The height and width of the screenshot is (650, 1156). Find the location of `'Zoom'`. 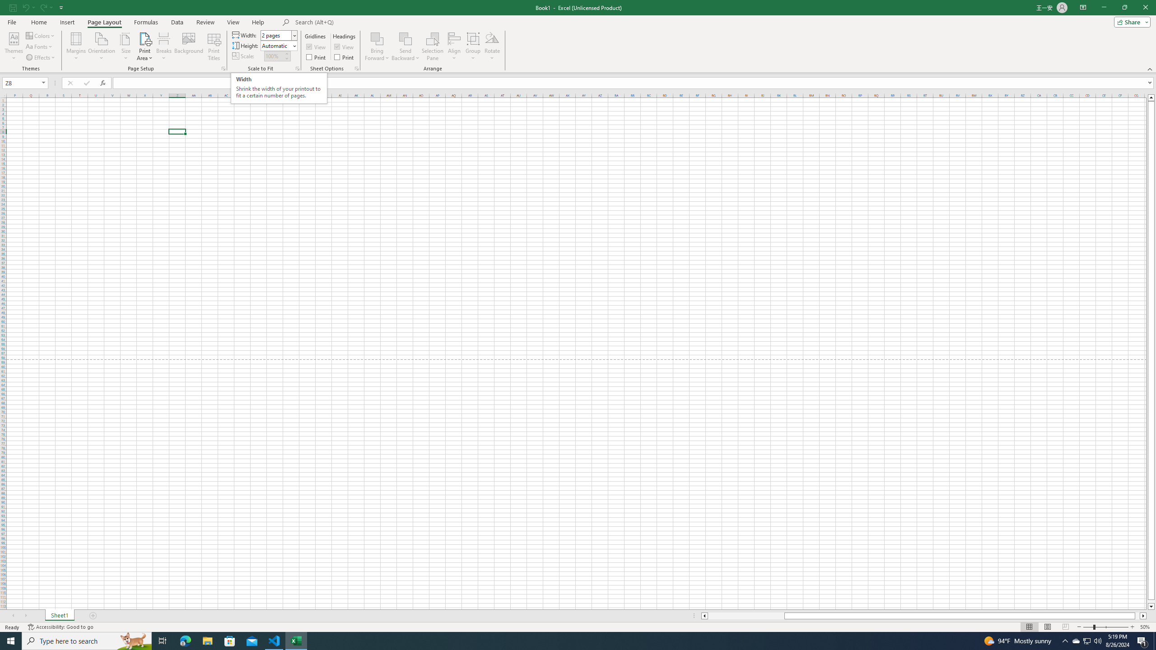

'Zoom' is located at coordinates (1105, 627).